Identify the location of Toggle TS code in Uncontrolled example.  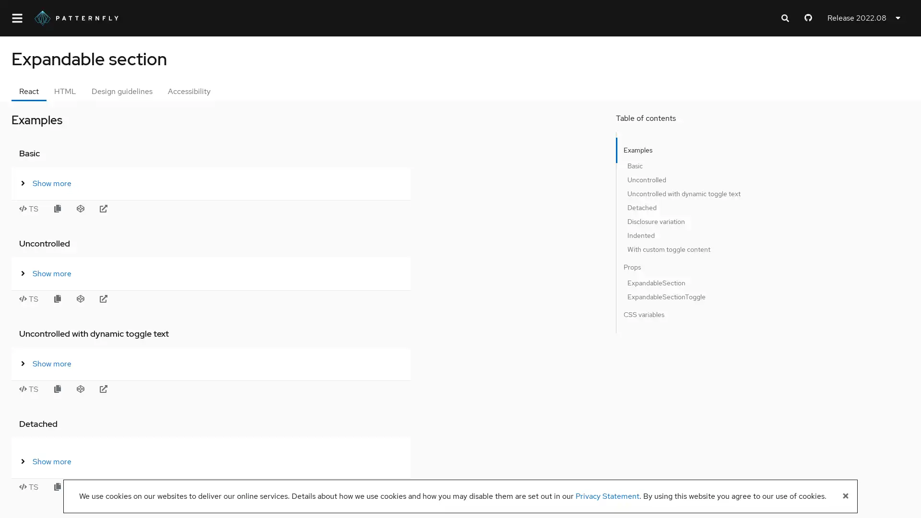
(168, 298).